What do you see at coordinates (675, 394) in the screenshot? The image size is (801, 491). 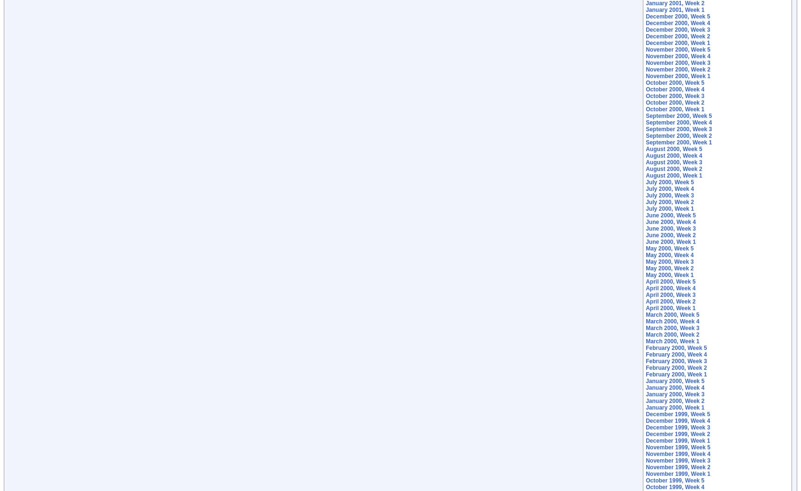 I see `'January 2000, Week 3'` at bounding box center [675, 394].